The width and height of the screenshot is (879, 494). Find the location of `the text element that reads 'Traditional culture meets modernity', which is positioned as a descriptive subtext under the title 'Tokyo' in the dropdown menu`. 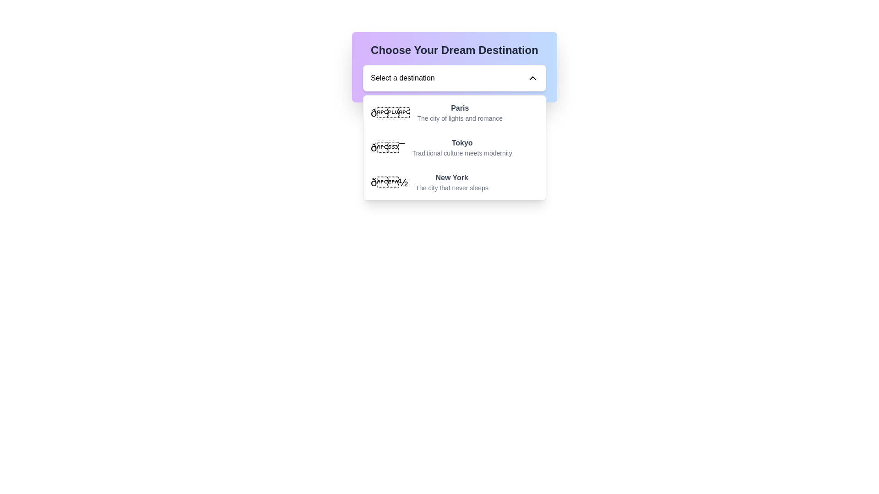

the text element that reads 'Traditional culture meets modernity', which is positioned as a descriptive subtext under the title 'Tokyo' in the dropdown menu is located at coordinates (462, 153).